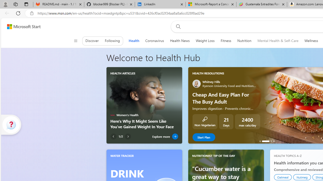  What do you see at coordinates (244, 40) in the screenshot?
I see `'Nutrition'` at bounding box center [244, 40].